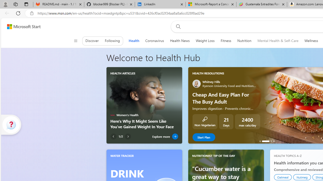  What do you see at coordinates (244, 40) in the screenshot?
I see `'Nutrition'` at bounding box center [244, 40].